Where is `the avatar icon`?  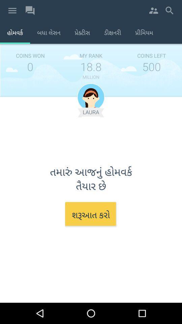 the avatar icon is located at coordinates (91, 104).